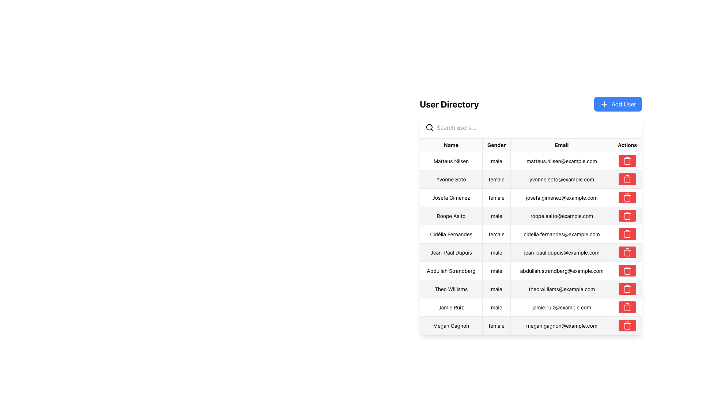  Describe the element at coordinates (497, 197) in the screenshot. I see `the static text indicating the gender of the individual named Josefa Giménez, located in the third row of the 'Gender' column in the table` at that location.